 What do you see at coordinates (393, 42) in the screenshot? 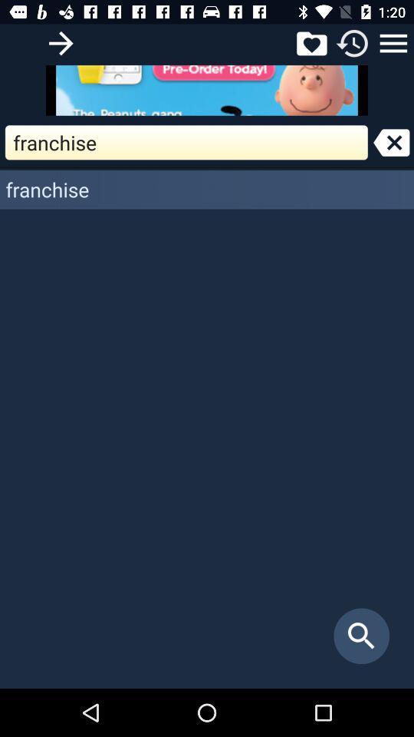
I see `see full menu` at bounding box center [393, 42].